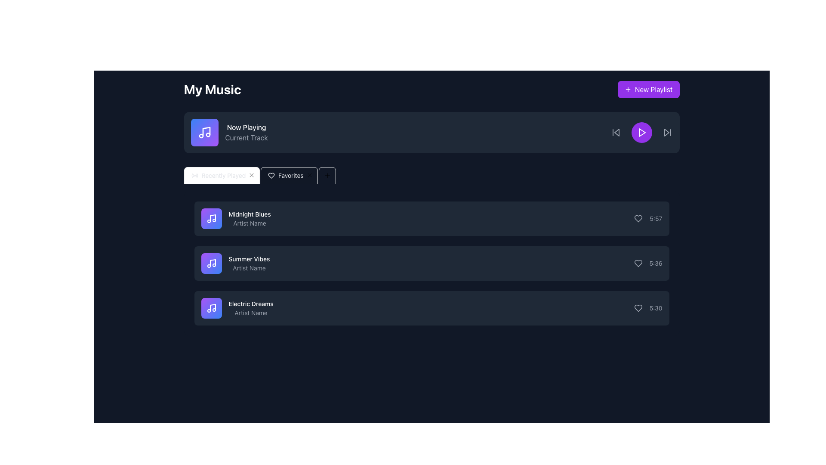 The image size is (826, 465). I want to click on the text label displaying the title 'Midnight Blues' in the user's playlist, which is located in the first row under the 'Favorites' filter, so click(249, 214).